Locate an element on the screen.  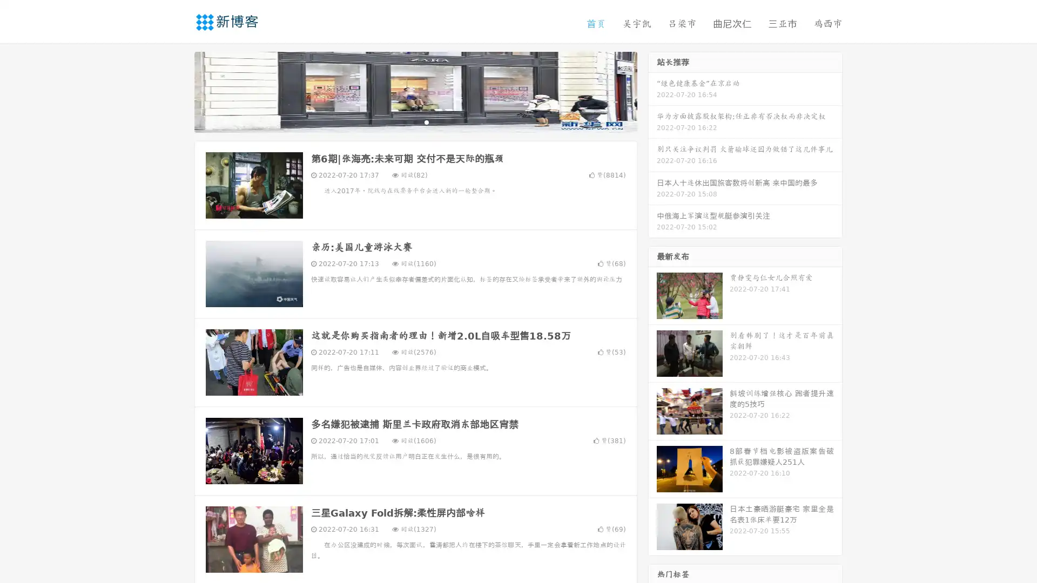
Previous slide is located at coordinates (178, 91).